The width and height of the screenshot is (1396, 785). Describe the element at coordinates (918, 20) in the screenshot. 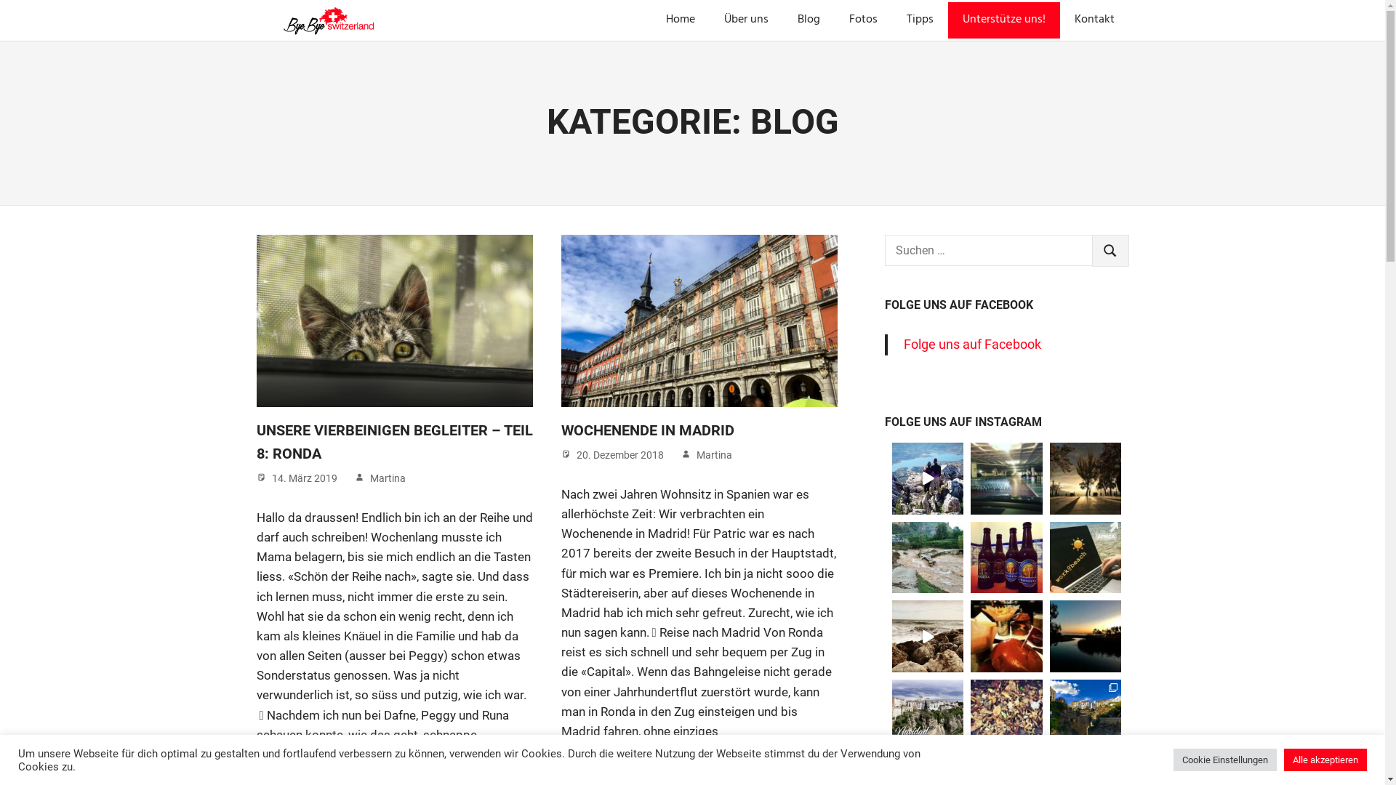

I see `'Tipps'` at that location.